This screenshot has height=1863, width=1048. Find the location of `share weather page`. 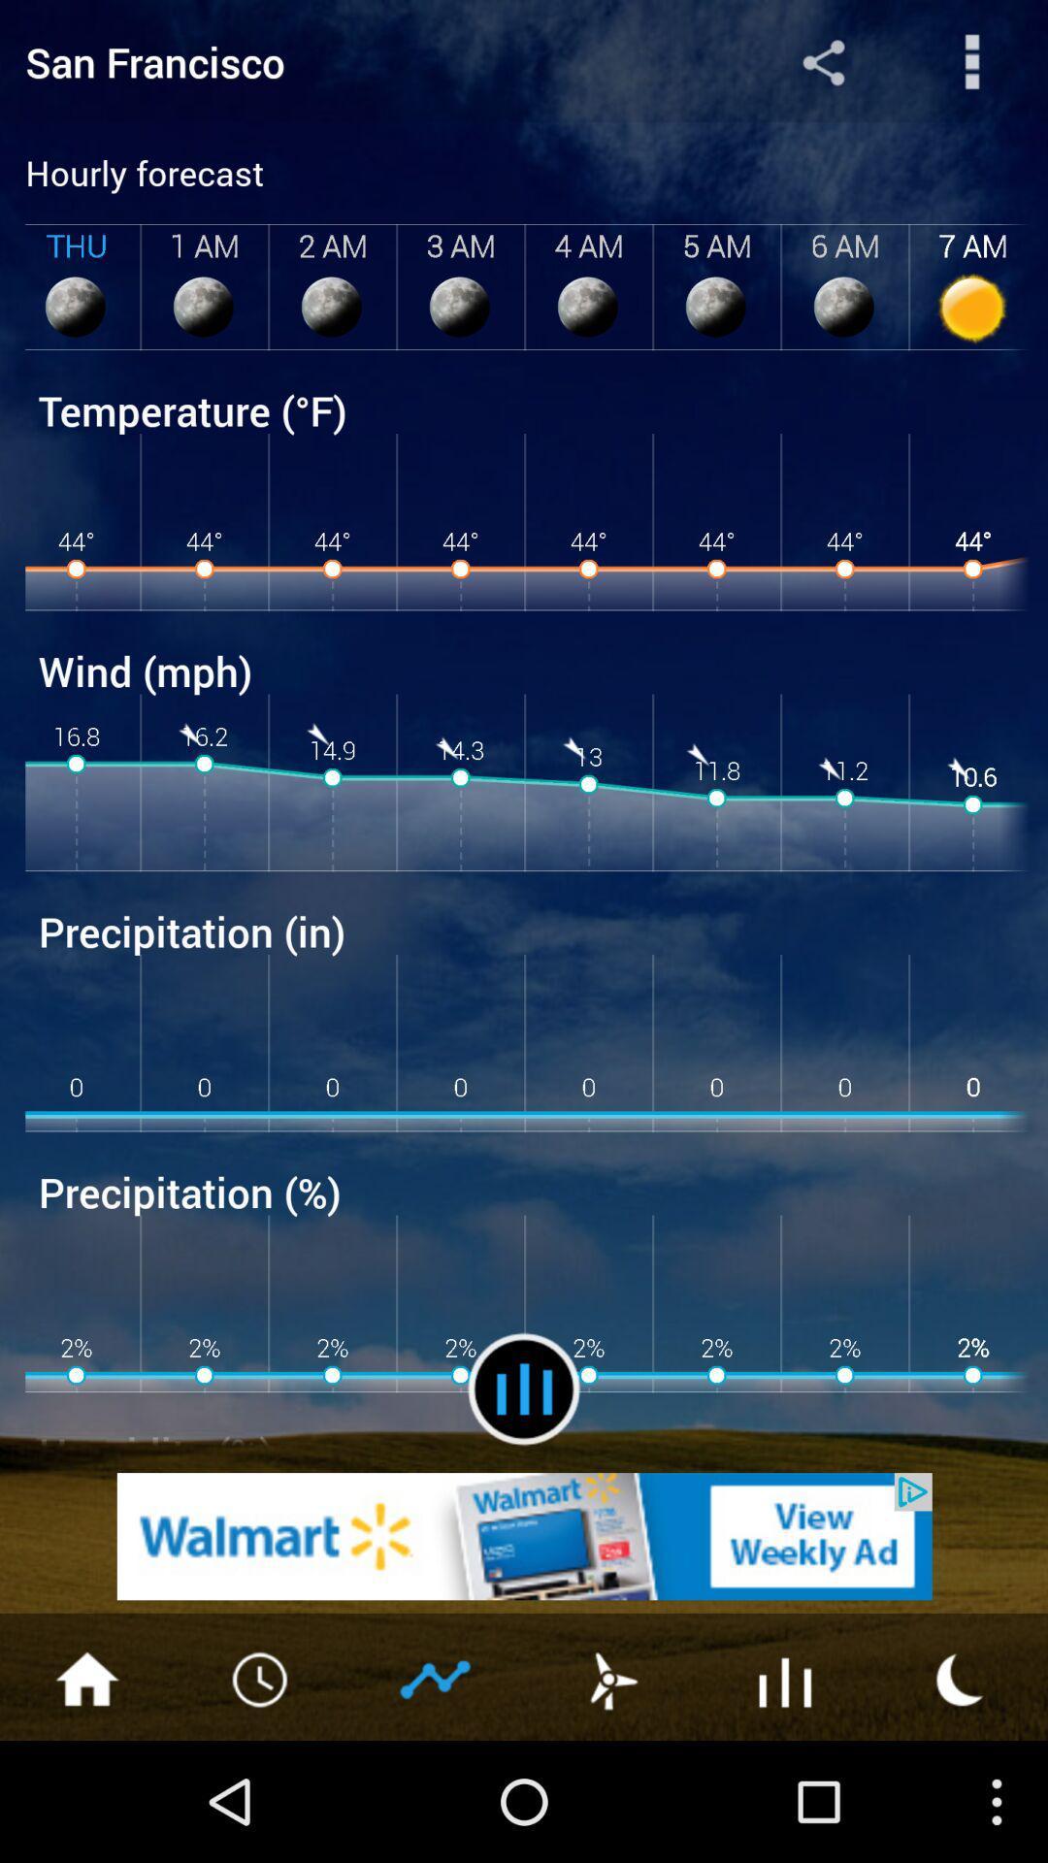

share weather page is located at coordinates (972, 61).